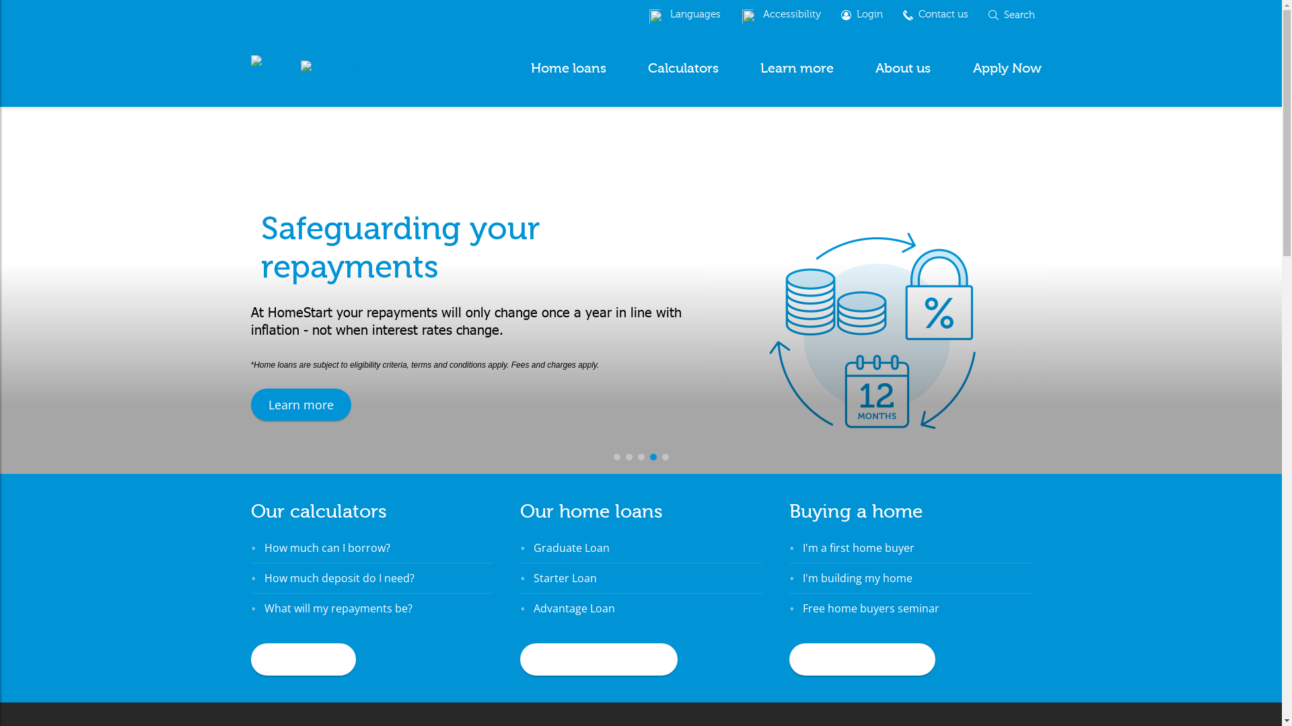 The image size is (1292, 726). What do you see at coordinates (641, 456) in the screenshot?
I see `'3'` at bounding box center [641, 456].